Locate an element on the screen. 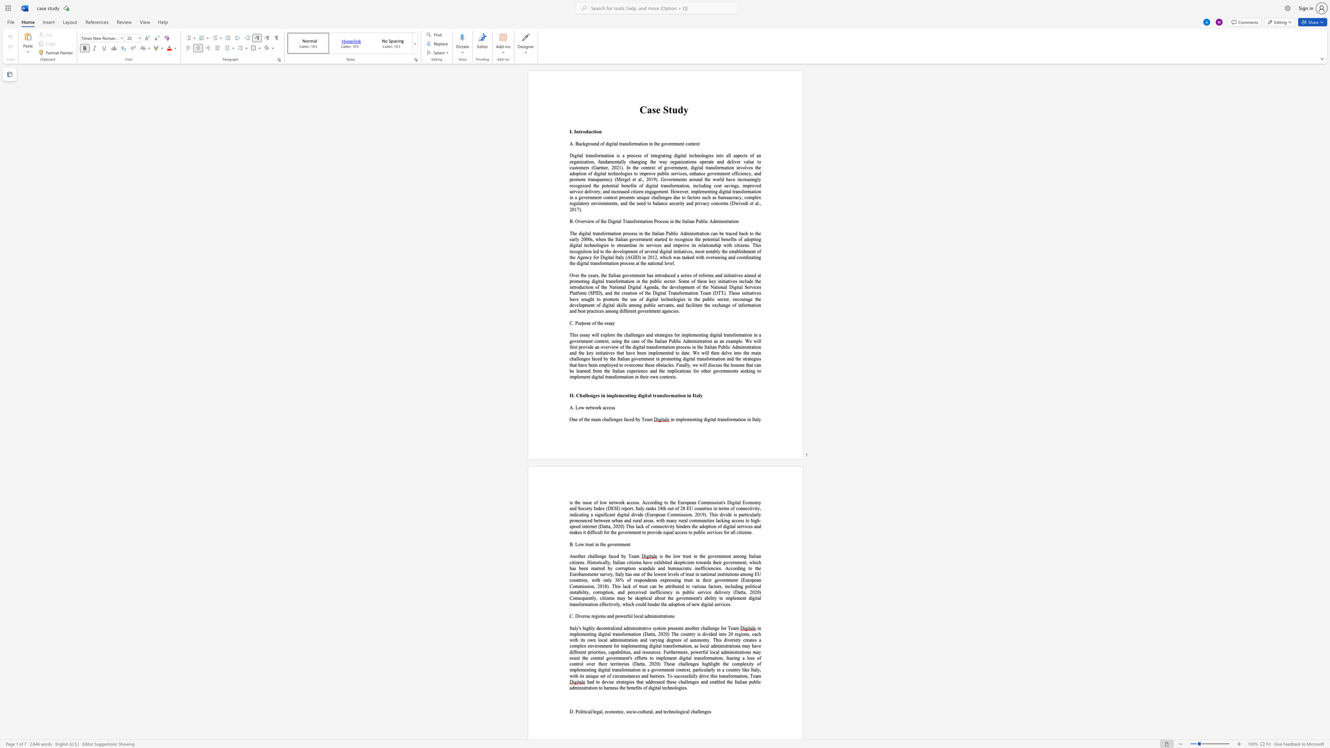 The height and width of the screenshot is (748, 1330). the subset text "erful local administrations" within the text "C. Diverse regions and powerful local administrations" is located at coordinates (623, 616).